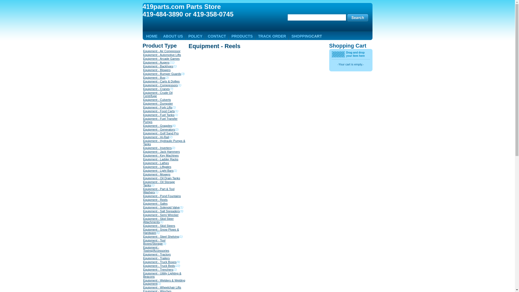 This screenshot has width=519, height=292. What do you see at coordinates (143, 58) in the screenshot?
I see `'Equipment - Arcade Games'` at bounding box center [143, 58].